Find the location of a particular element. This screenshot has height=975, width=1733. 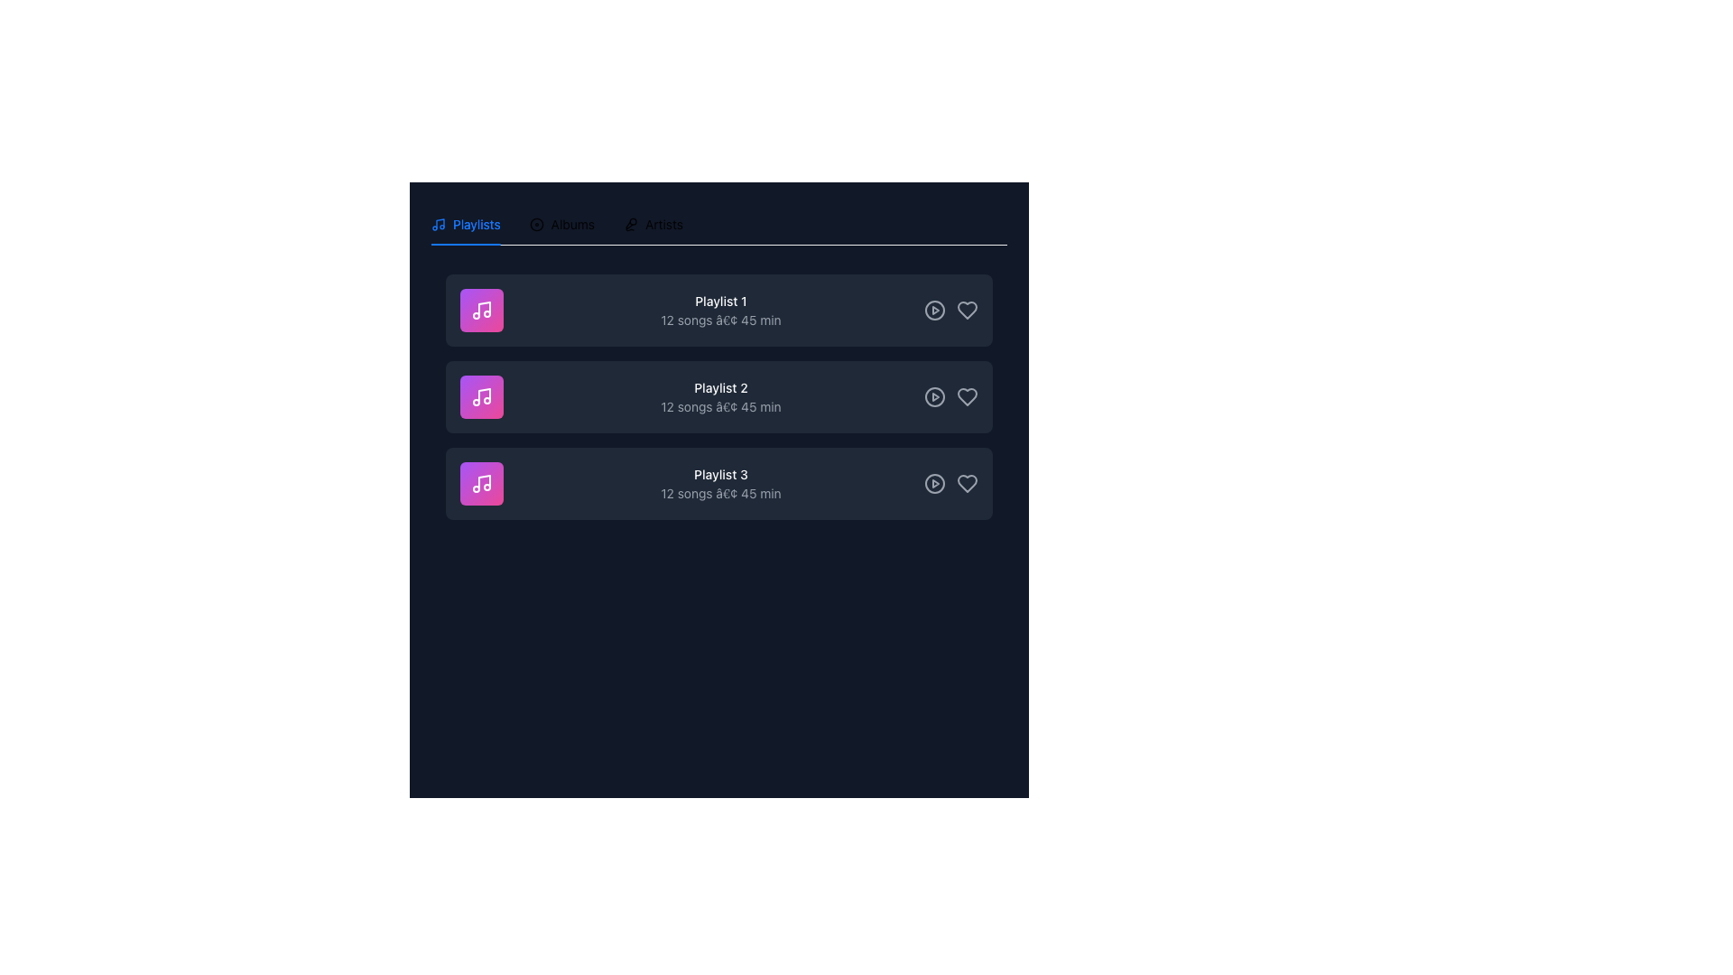

the textual display component that serves as a header and subheader for the playlist item, which displays 'Playlist 2' and '12 songs • 45 min.' is located at coordinates (719, 395).